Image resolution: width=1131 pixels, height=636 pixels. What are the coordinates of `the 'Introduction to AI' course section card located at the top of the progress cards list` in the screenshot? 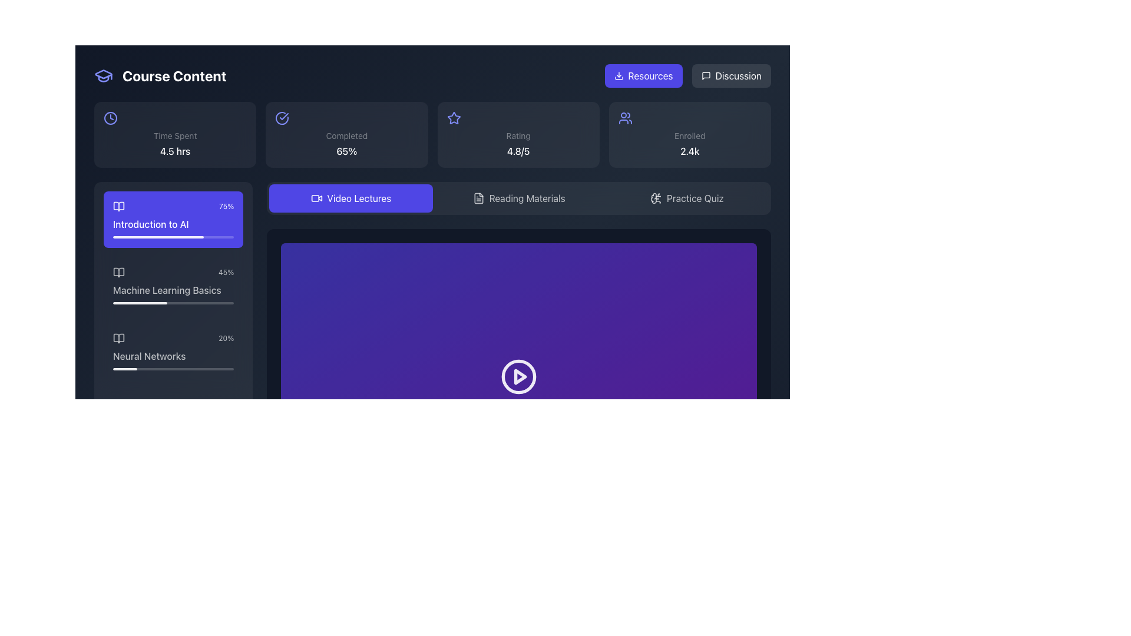 It's located at (173, 220).